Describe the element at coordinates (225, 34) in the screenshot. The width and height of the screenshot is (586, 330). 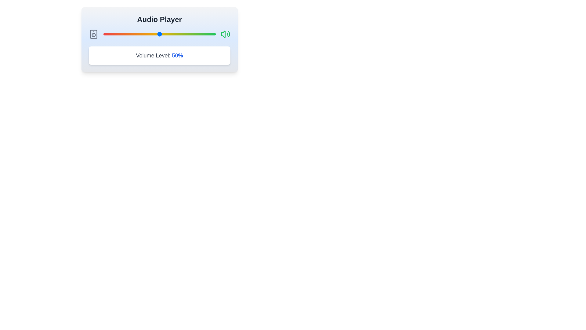
I see `the volume icon to focus` at that location.